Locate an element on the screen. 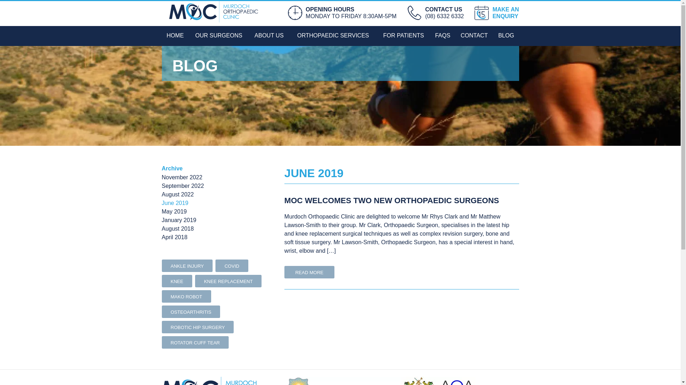  'MAKO ROBOT' is located at coordinates (186, 296).